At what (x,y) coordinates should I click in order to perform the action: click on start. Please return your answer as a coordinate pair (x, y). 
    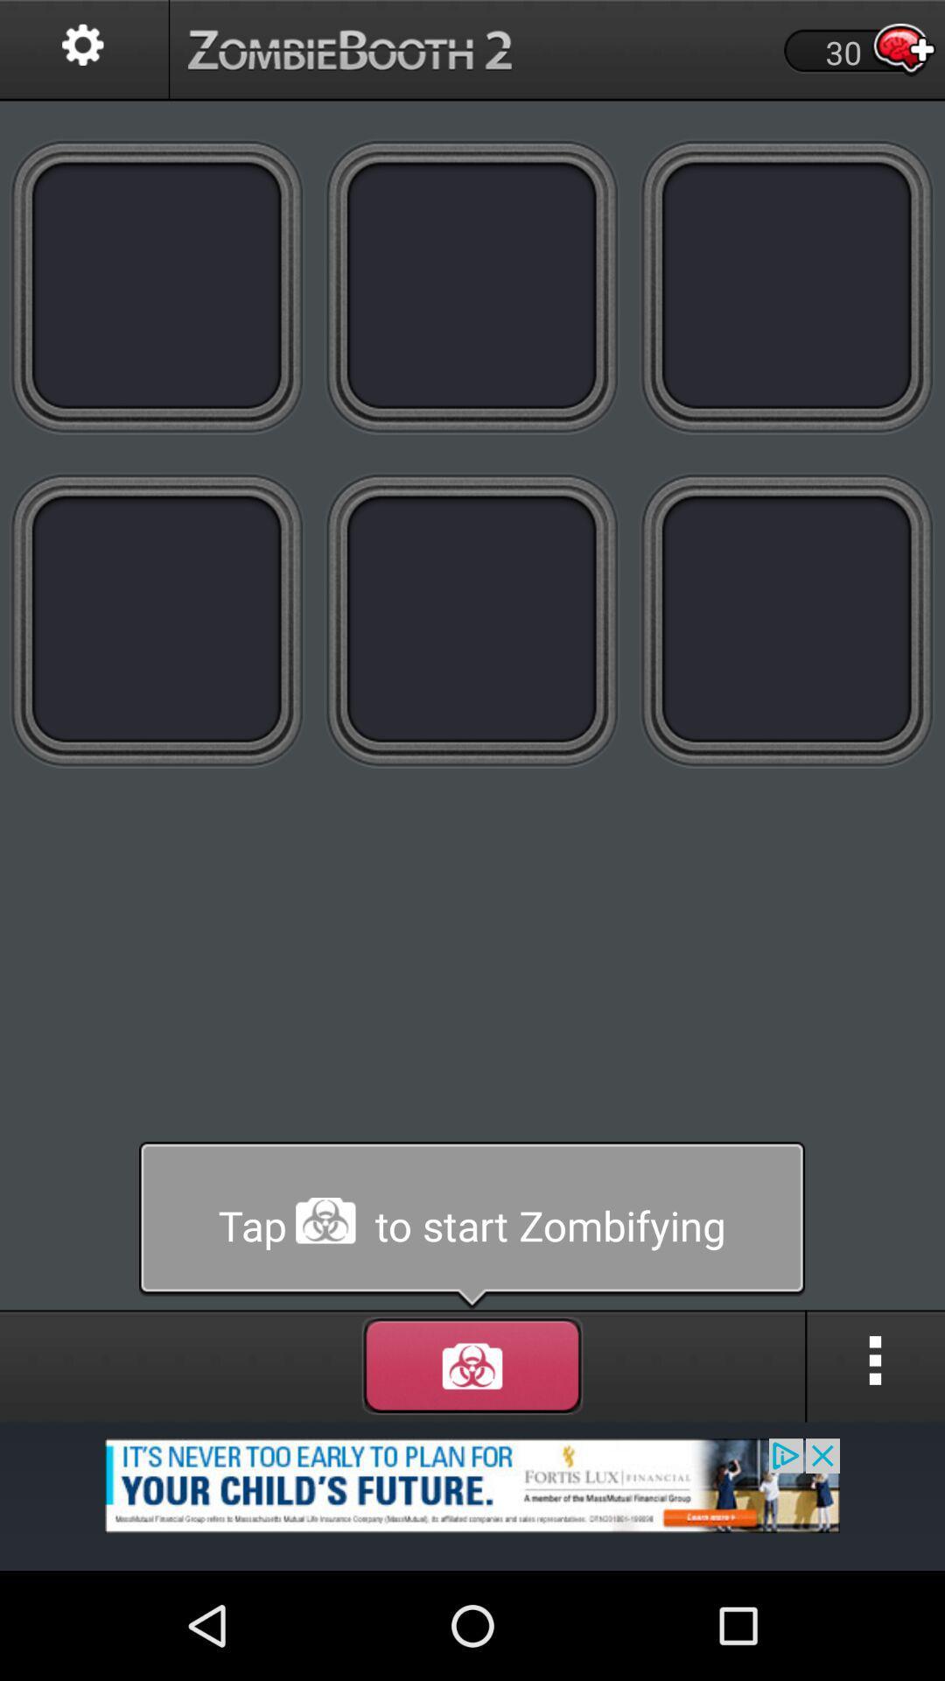
    Looking at the image, I should click on (472, 1365).